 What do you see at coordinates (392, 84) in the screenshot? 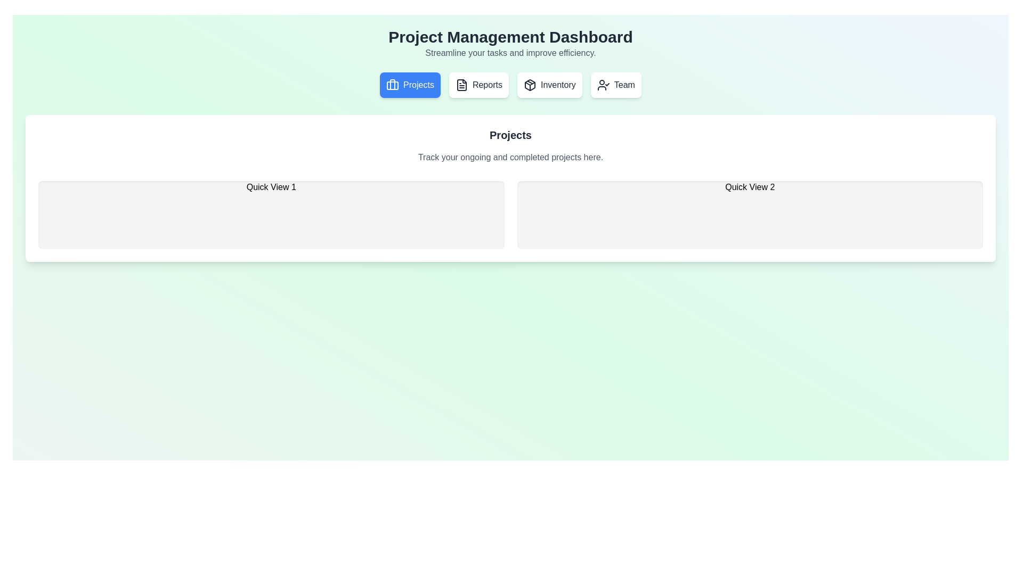
I see `the Projects icon, which is the leftmost part of the interactive 'Projects' button group located at the top center of the page` at bounding box center [392, 84].